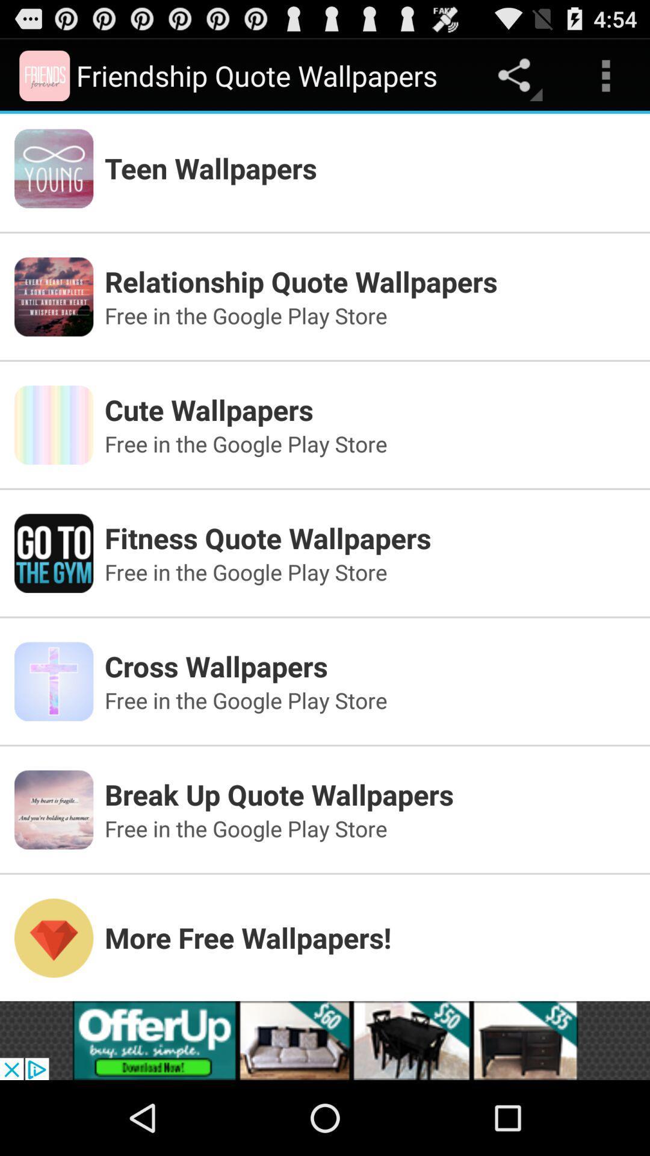 Image resolution: width=650 pixels, height=1156 pixels. I want to click on the option, so click(325, 1040).